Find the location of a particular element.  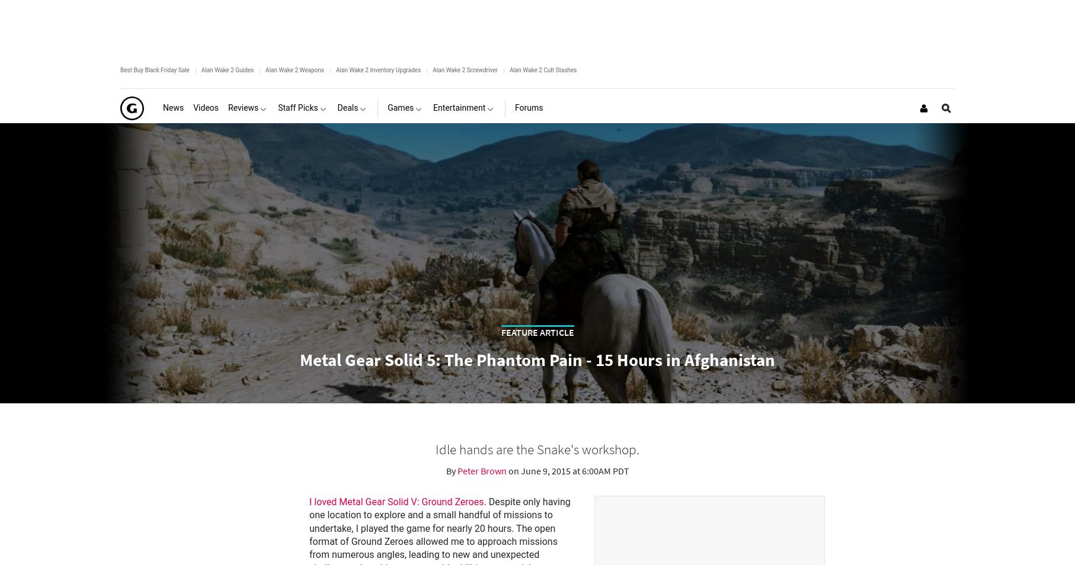

'Entertainment' is located at coordinates (433, 107).